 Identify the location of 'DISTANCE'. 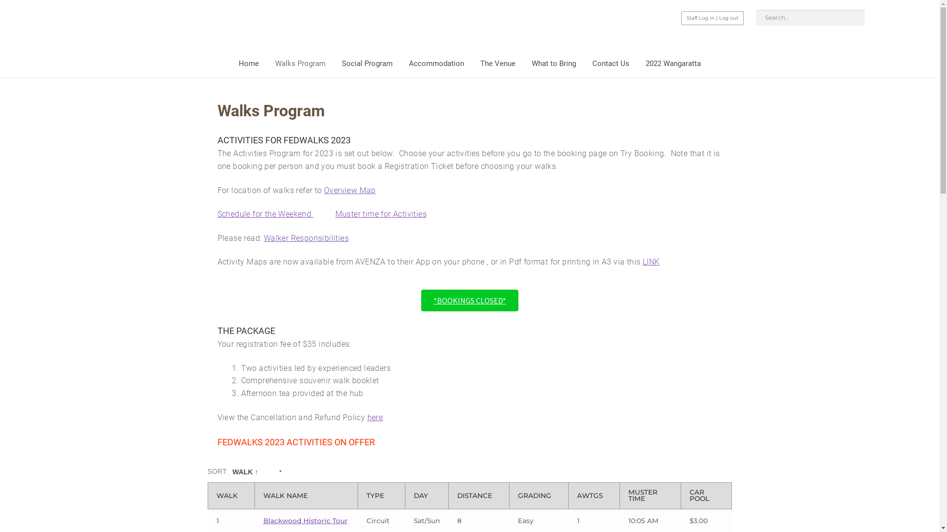
(478, 496).